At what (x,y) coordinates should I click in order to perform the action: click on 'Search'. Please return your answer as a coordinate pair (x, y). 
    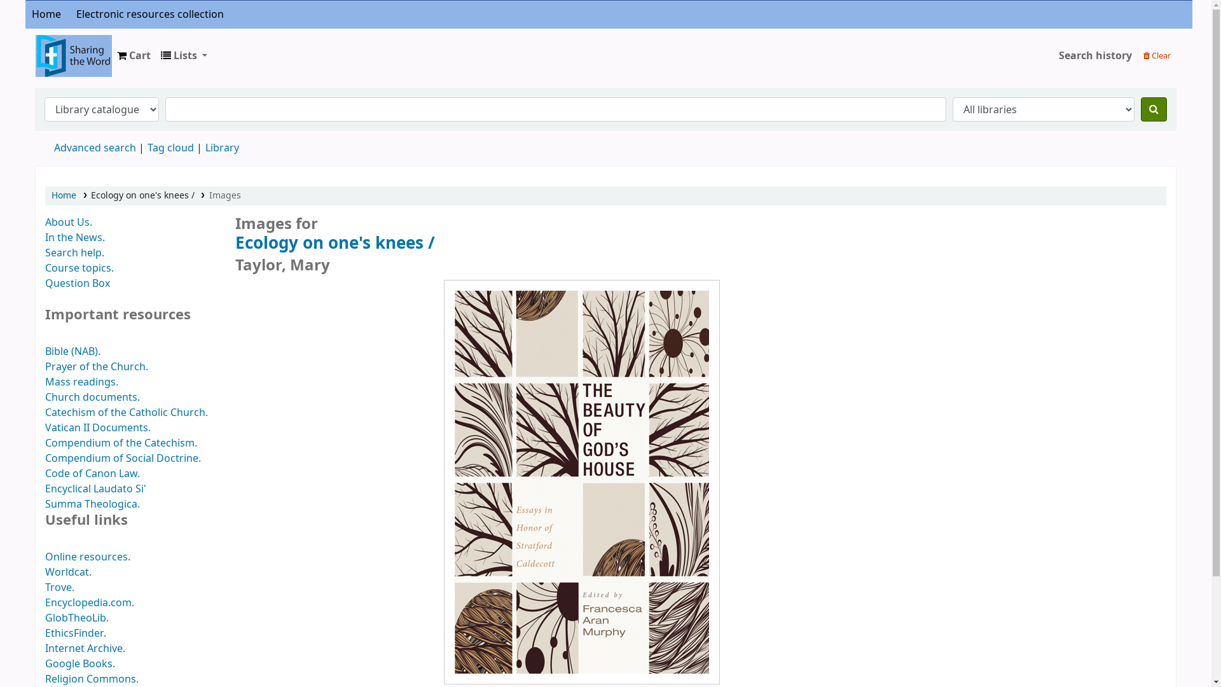
    Looking at the image, I should click on (1141, 109).